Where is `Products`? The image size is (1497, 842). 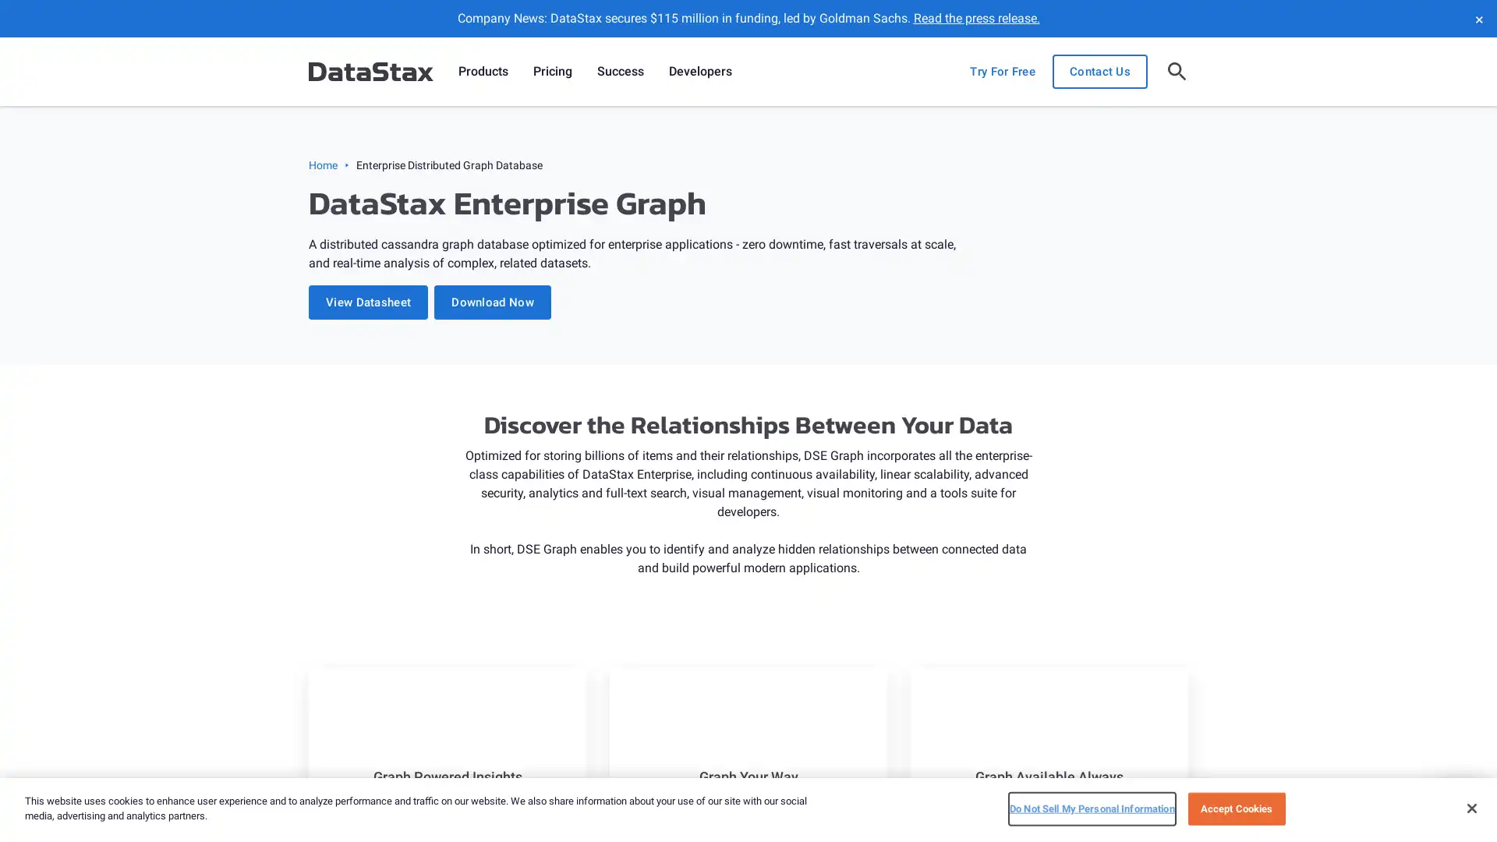 Products is located at coordinates (482, 72).